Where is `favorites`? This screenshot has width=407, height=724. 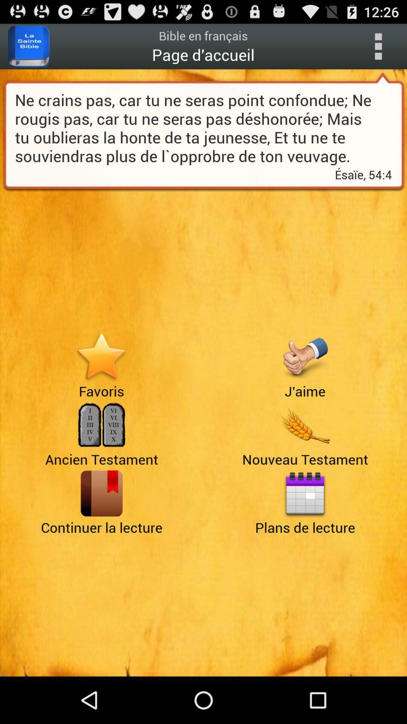
favorites is located at coordinates (101, 356).